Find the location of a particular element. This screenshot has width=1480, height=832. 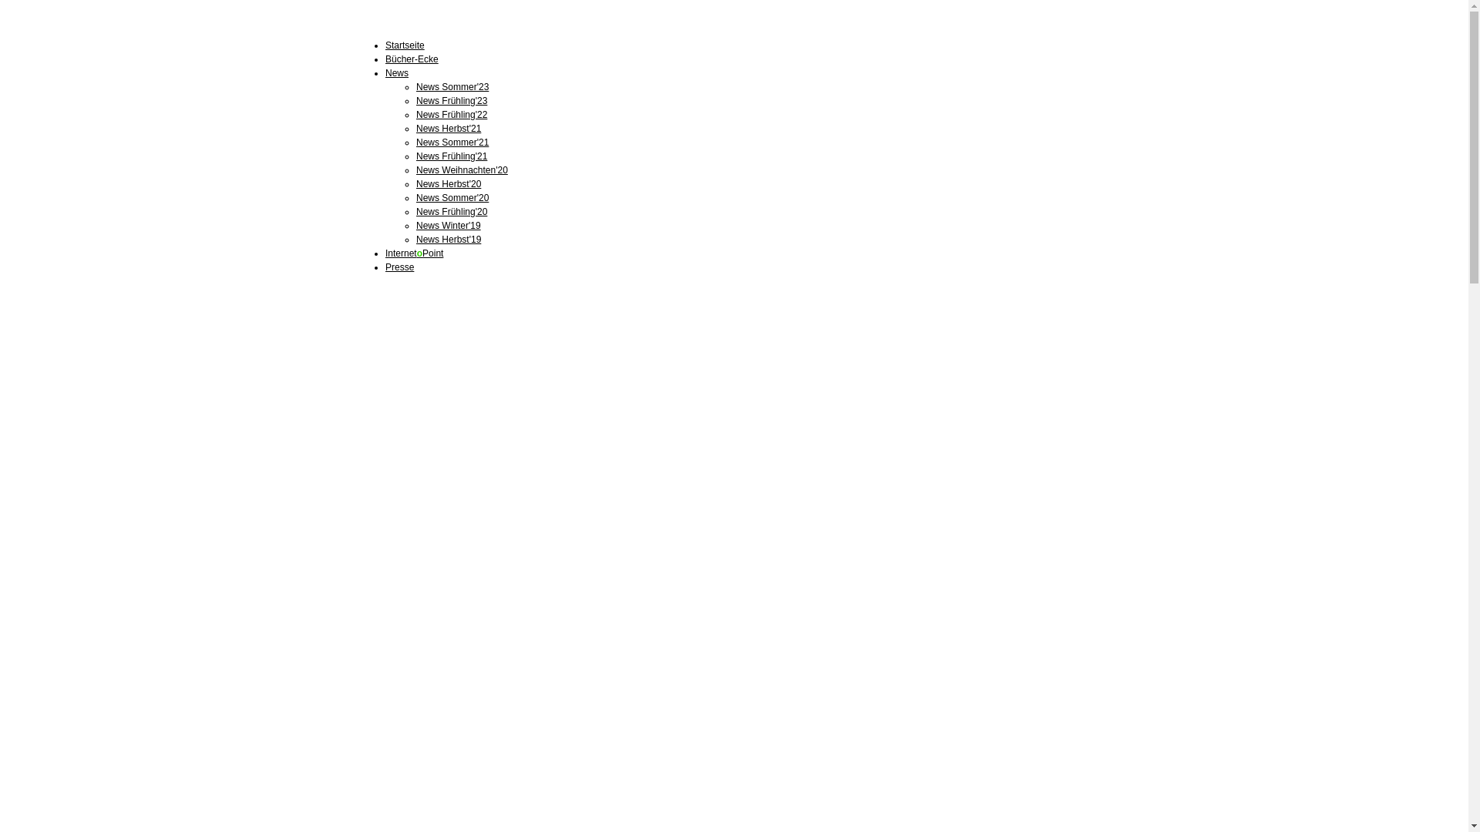

'News Herbst'19' is located at coordinates (447, 240).